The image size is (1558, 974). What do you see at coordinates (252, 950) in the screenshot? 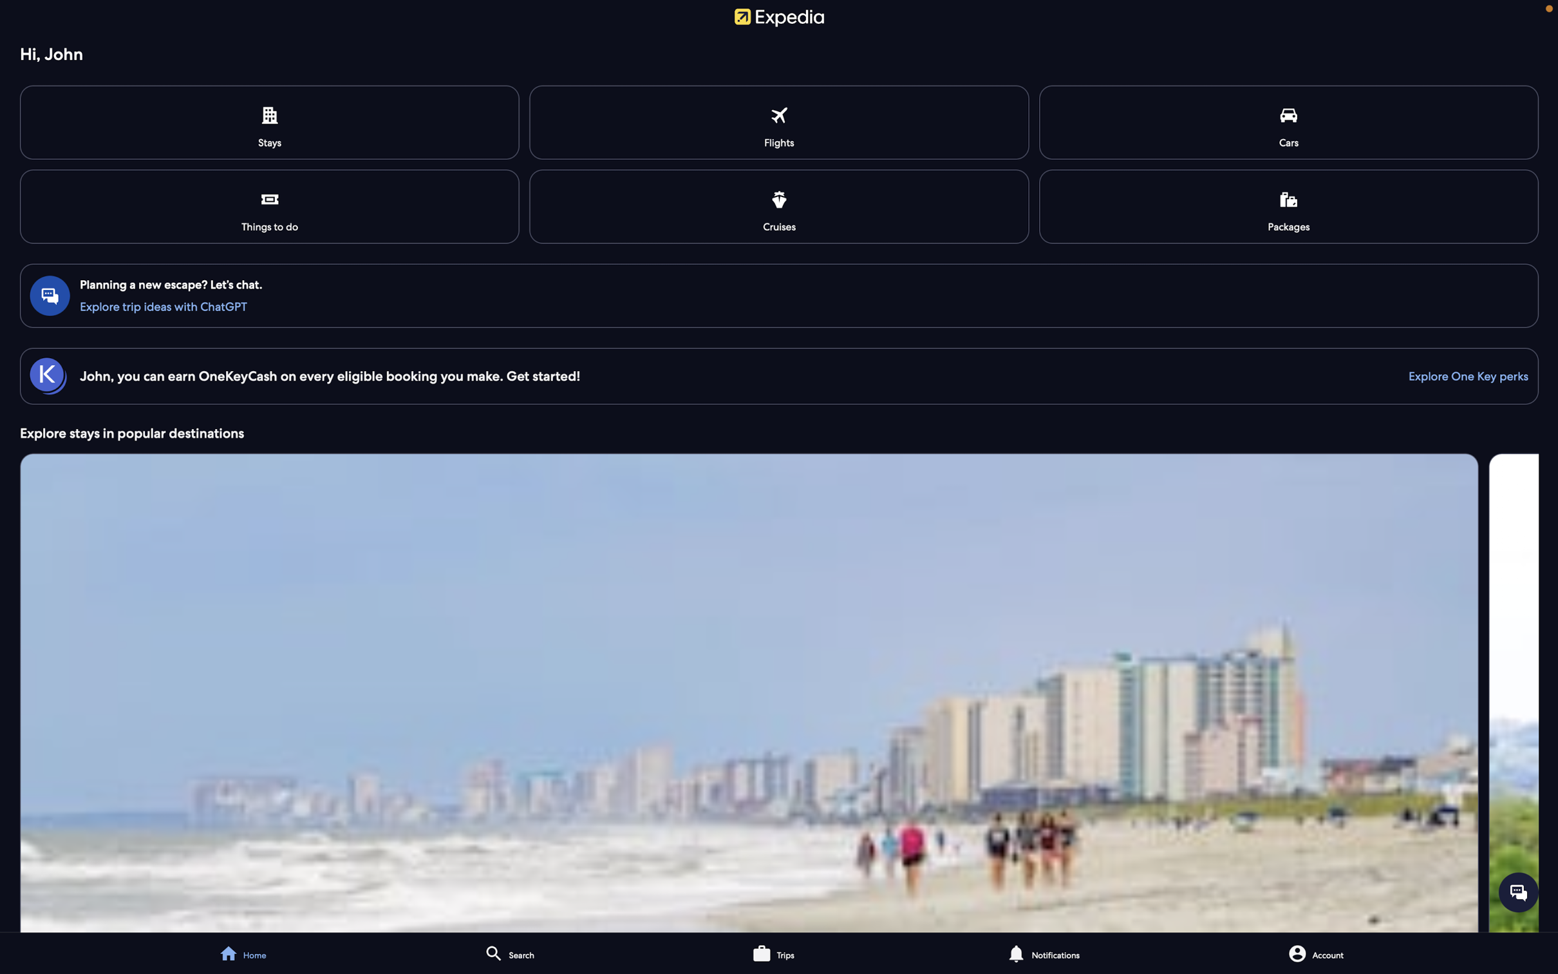
I see `Direct yourself to the primary page` at bounding box center [252, 950].